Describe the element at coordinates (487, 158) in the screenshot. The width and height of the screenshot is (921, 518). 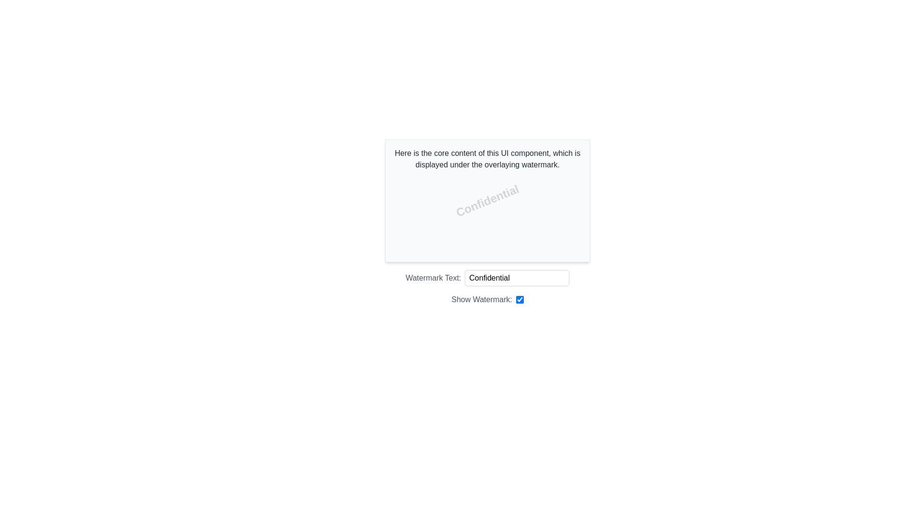
I see `the text block element that displays 'Here is the core content of this UI component, which is displayed under the overlaying watermark.'` at that location.